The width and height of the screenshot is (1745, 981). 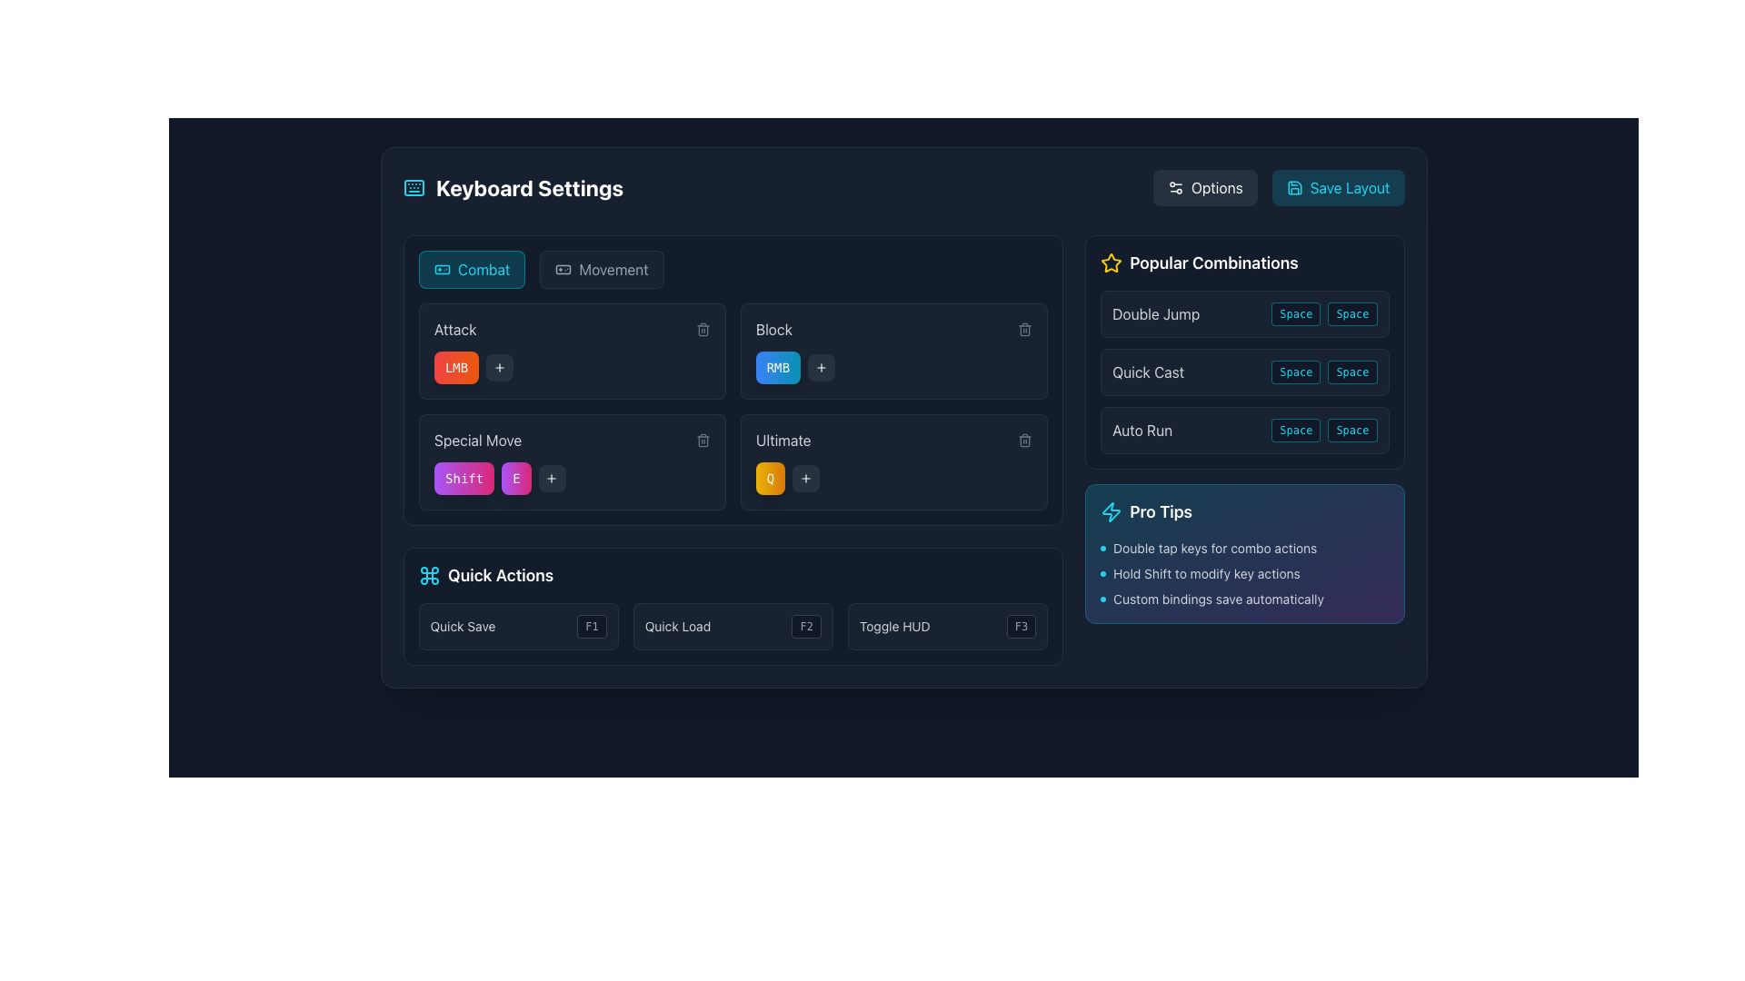 I want to click on tips provided in the 'Pro Tips' section, which is a list of informational text items located below the title 'Pro Tips' in the right sidebar of the interface, so click(x=1243, y=574).